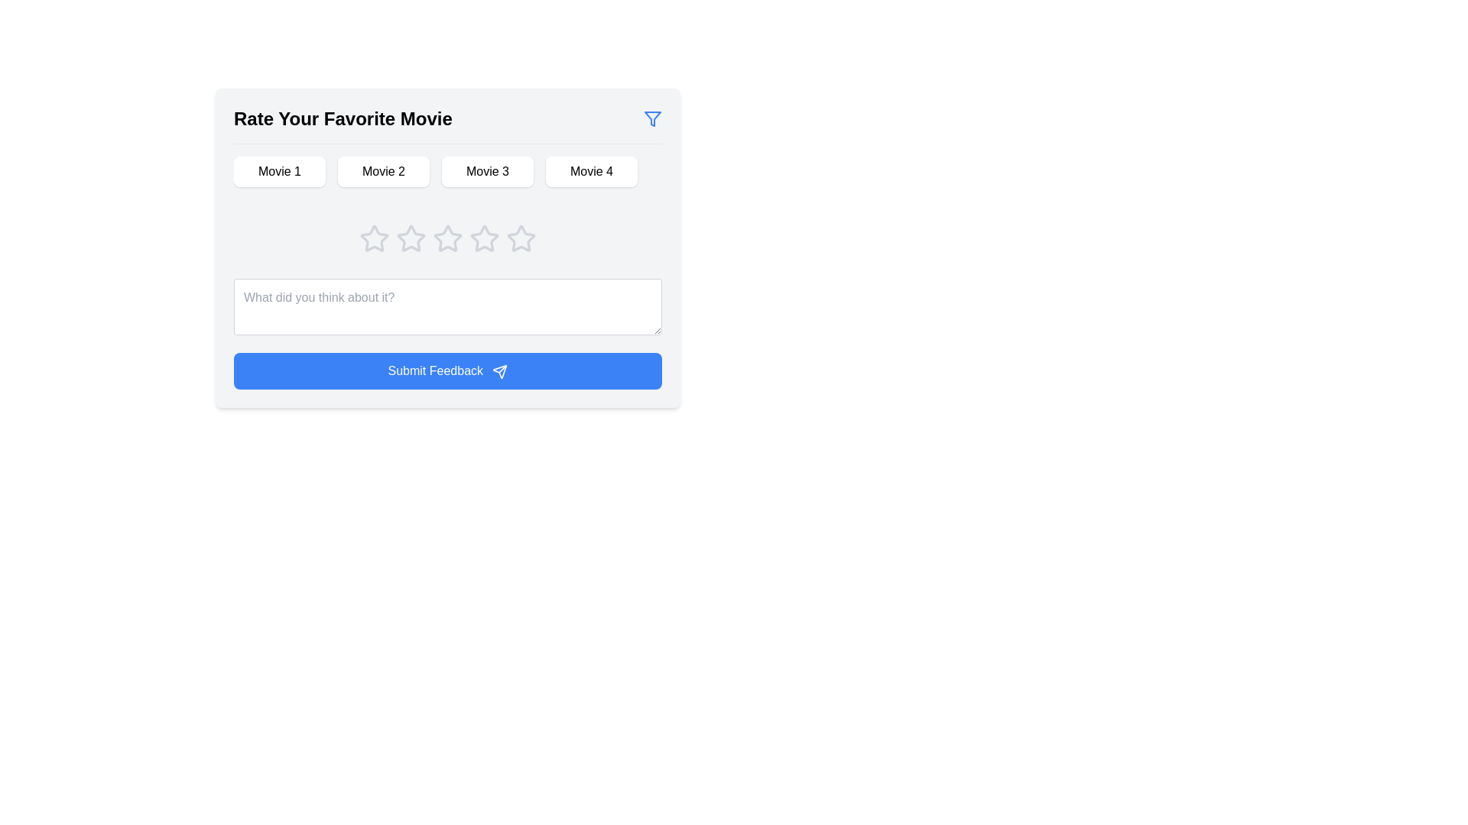 The height and width of the screenshot is (825, 1468). What do you see at coordinates (384, 171) in the screenshot?
I see `the text label indicating 'Movie 2', which is centrally positioned in a group of similar items and is used for selection or identification` at bounding box center [384, 171].